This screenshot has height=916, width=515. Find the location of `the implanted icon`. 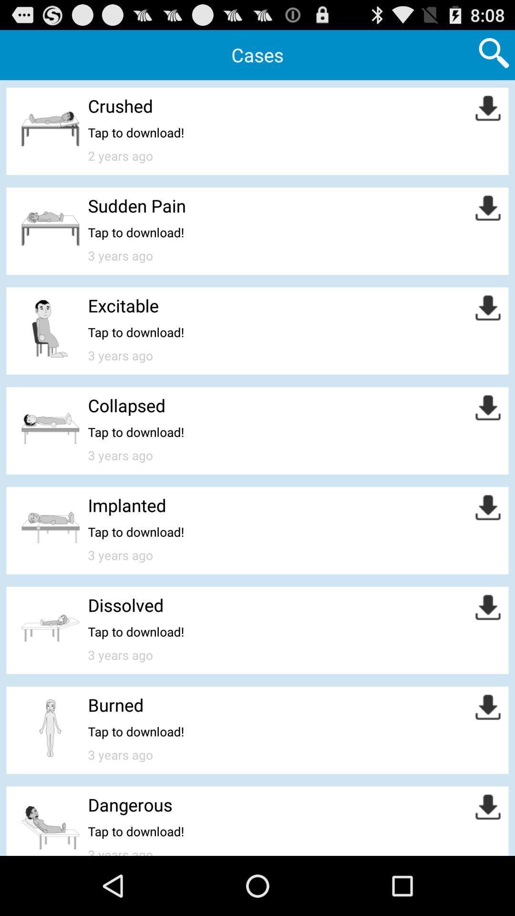

the implanted icon is located at coordinates (126, 505).